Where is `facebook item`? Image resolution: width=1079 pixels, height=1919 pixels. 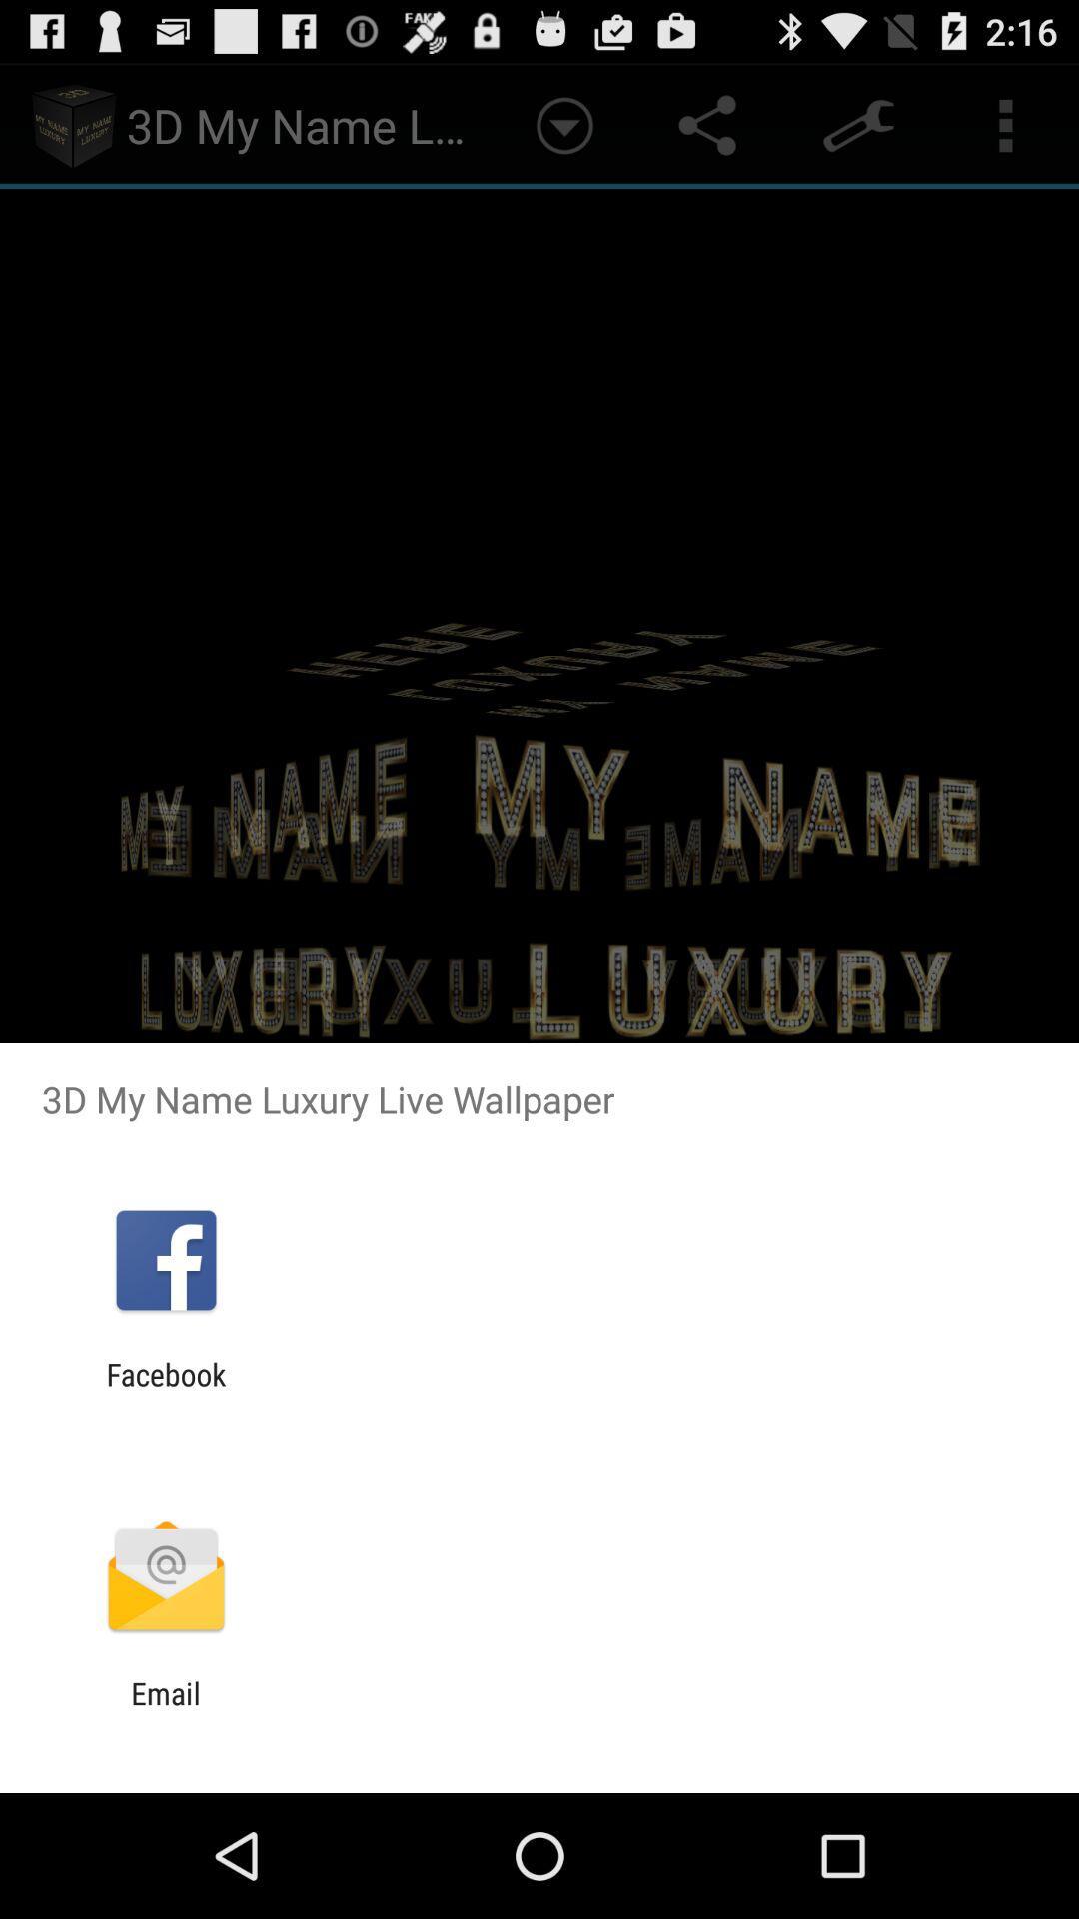
facebook item is located at coordinates (165, 1391).